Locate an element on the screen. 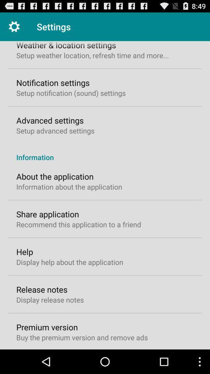 Image resolution: width=210 pixels, height=374 pixels. the share application is located at coordinates (47, 214).